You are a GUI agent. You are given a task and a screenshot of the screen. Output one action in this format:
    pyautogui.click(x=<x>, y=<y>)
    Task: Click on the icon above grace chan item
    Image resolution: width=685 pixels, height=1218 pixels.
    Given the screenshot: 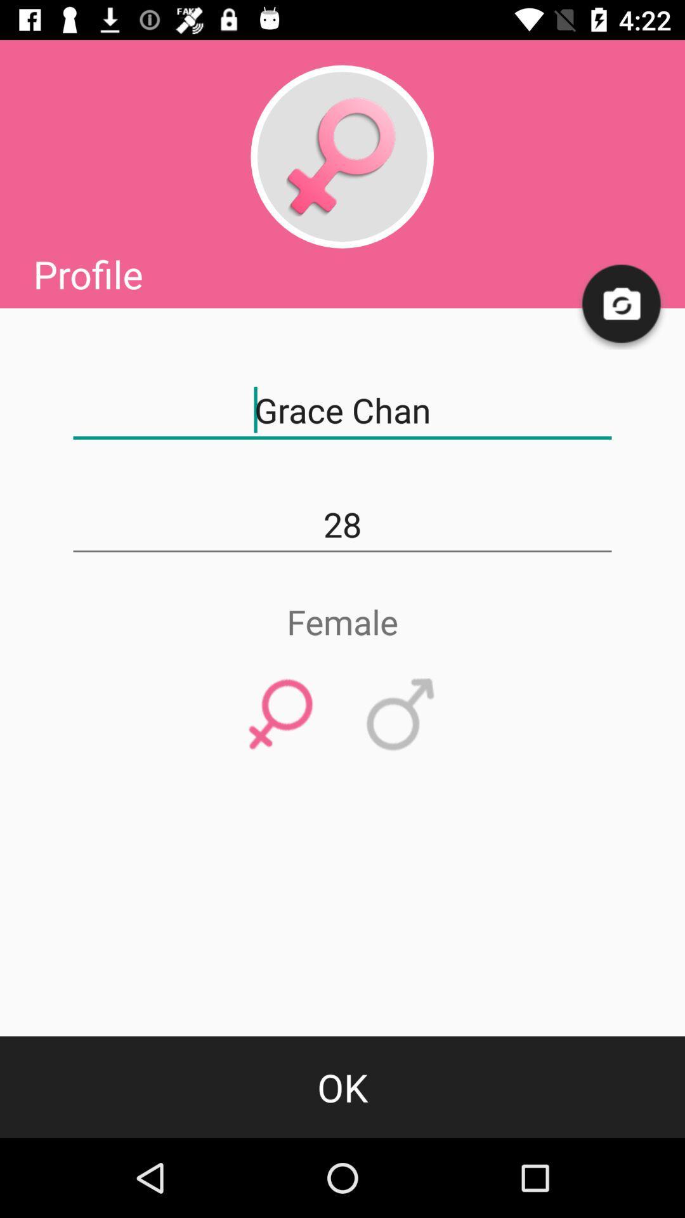 What is the action you would take?
    pyautogui.click(x=622, y=304)
    